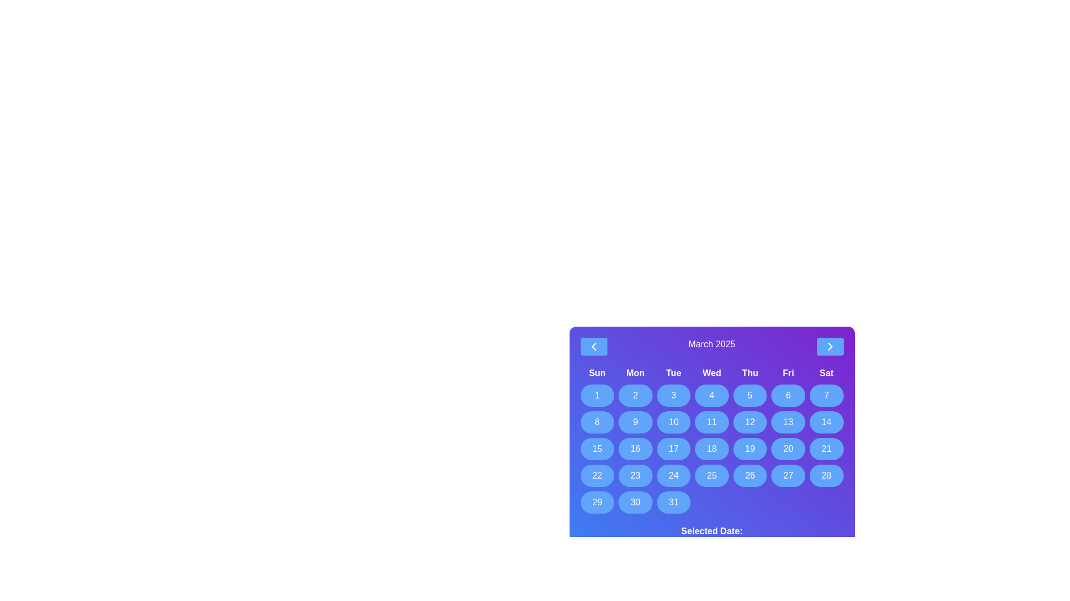 This screenshot has width=1070, height=601. I want to click on the round blue button labeled '4' in the calendar grid, so click(711, 395).